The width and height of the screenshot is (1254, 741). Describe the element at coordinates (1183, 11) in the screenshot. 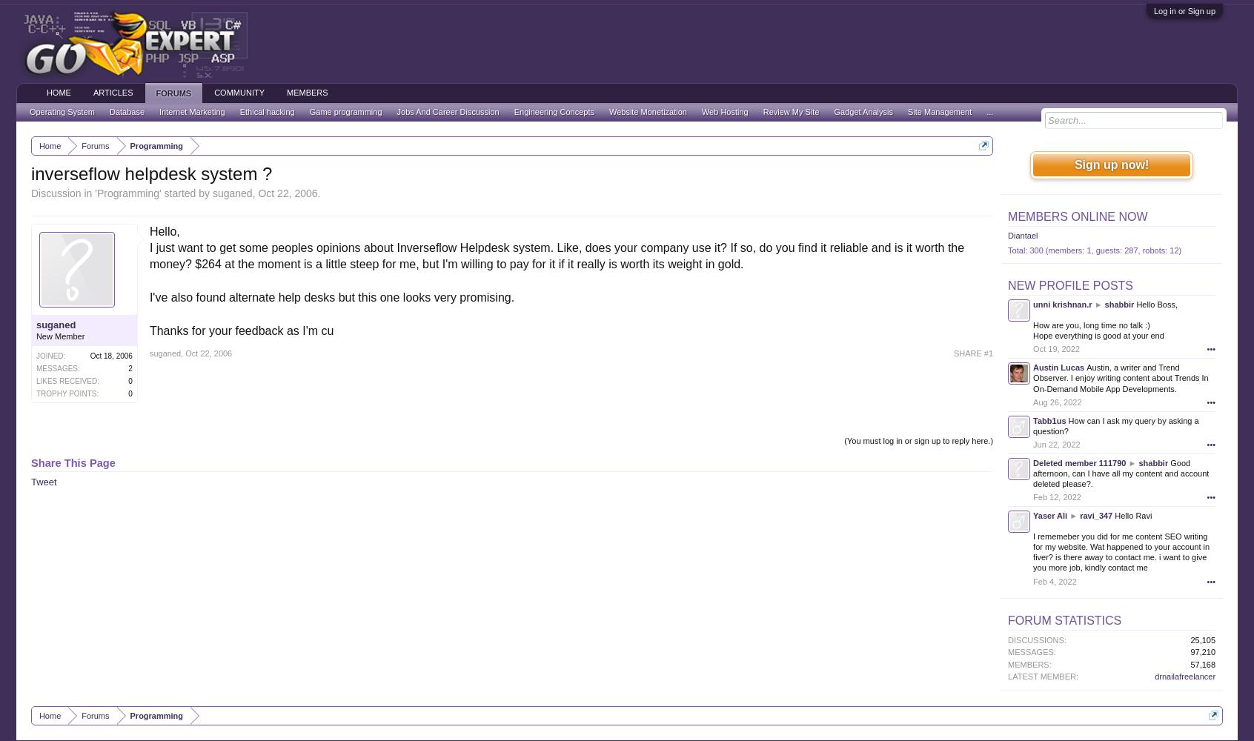

I see `'Log in or Sign up'` at that location.